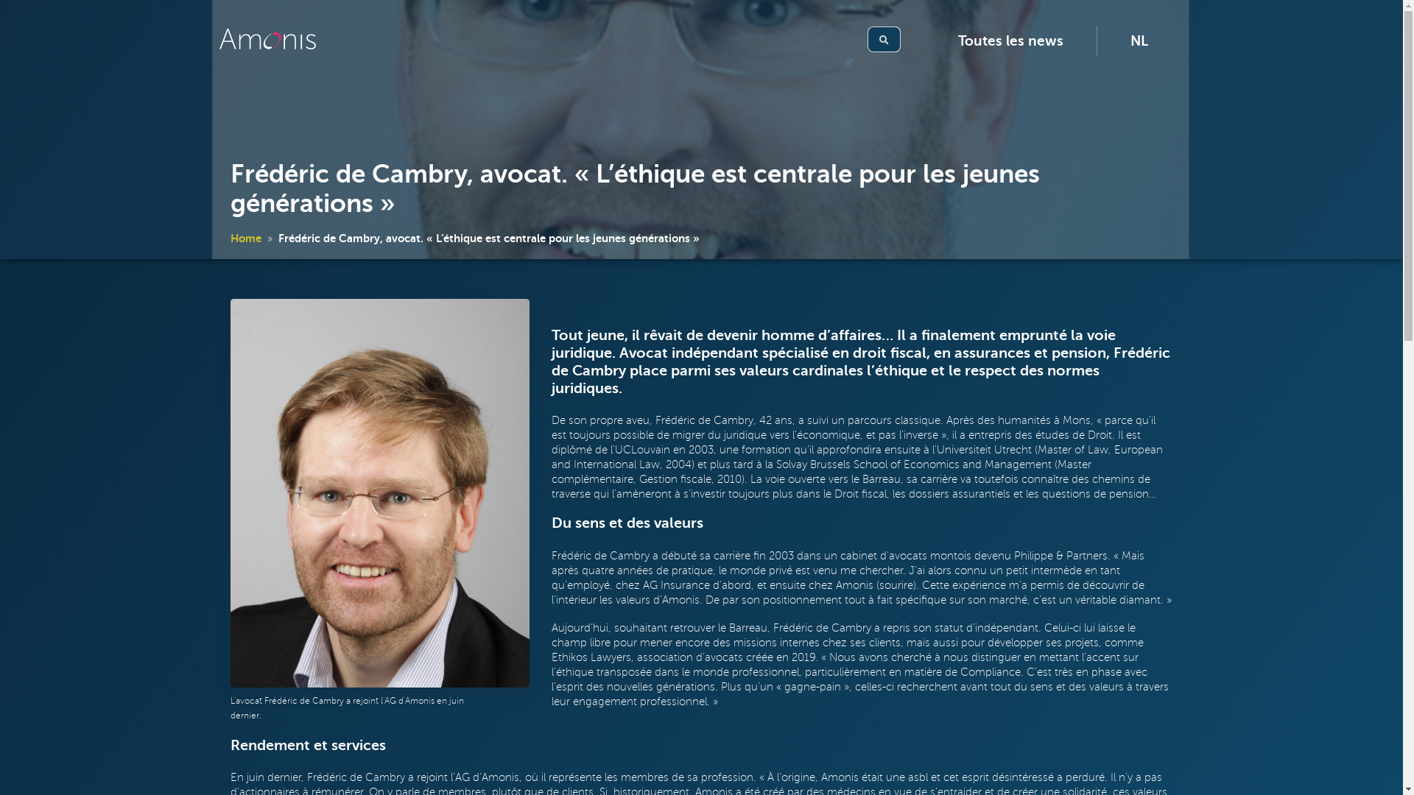 The width and height of the screenshot is (1414, 795). I want to click on 'Search for:', so click(889, 38).